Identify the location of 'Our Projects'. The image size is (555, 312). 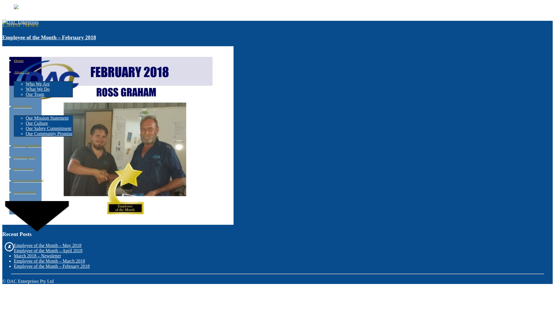
(43, 157).